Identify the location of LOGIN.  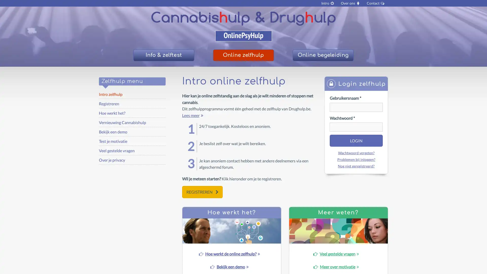
(356, 141).